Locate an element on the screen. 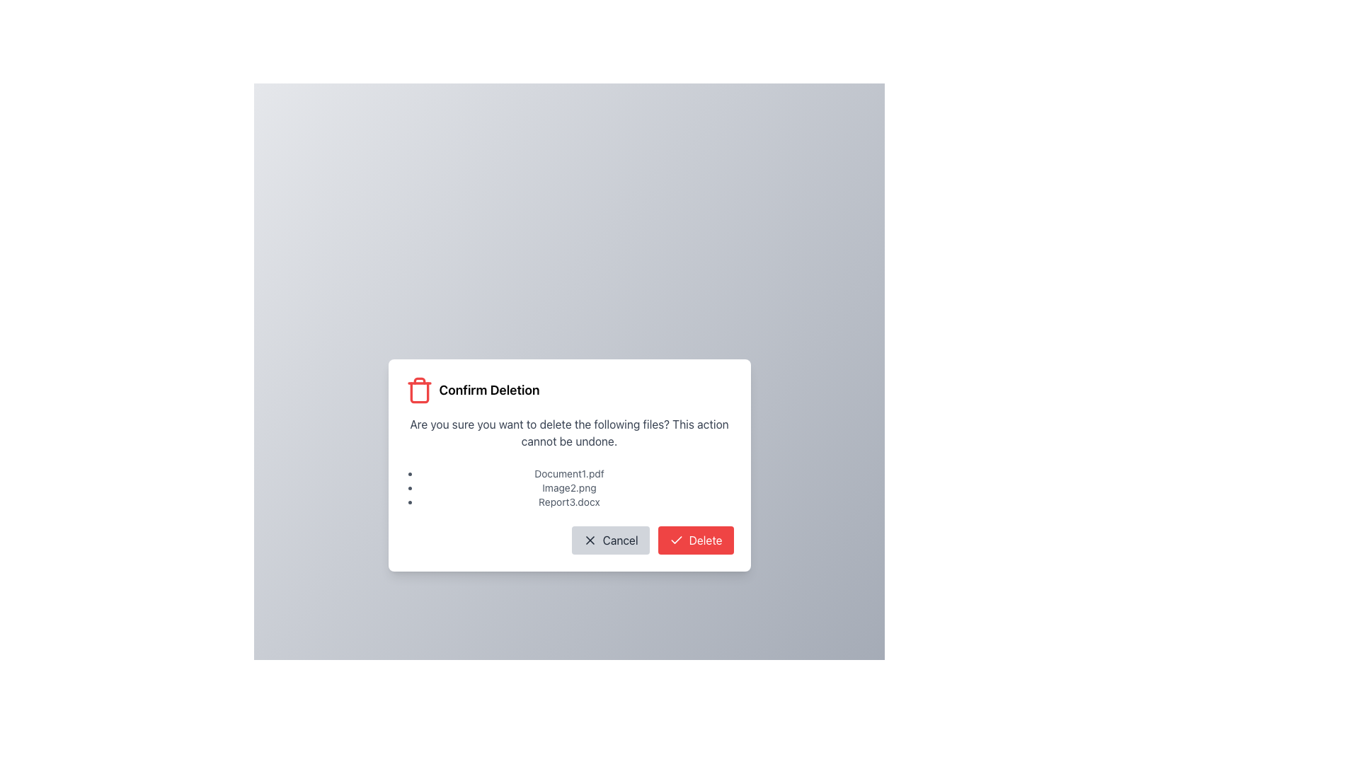 Image resolution: width=1359 pixels, height=764 pixels. the confirmation icon is located at coordinates (675, 540).